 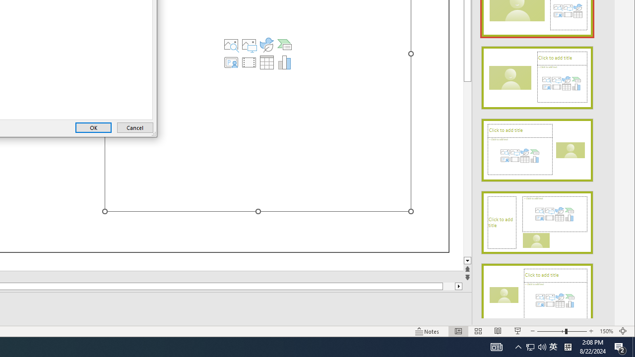 What do you see at coordinates (496, 346) in the screenshot?
I see `'AutomationID: 4105'` at bounding box center [496, 346].